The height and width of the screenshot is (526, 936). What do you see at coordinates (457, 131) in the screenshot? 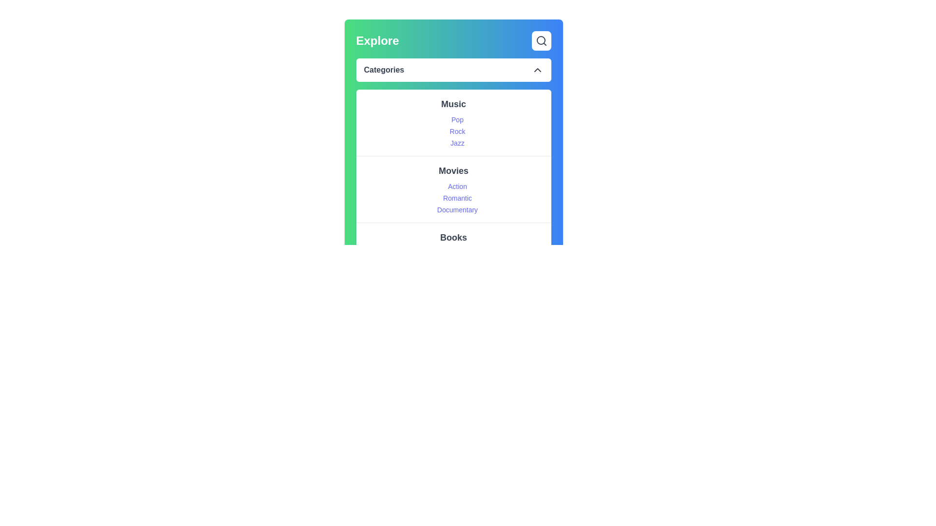
I see `the 'Rock' item in the vertical list located in the 'Music' section` at bounding box center [457, 131].